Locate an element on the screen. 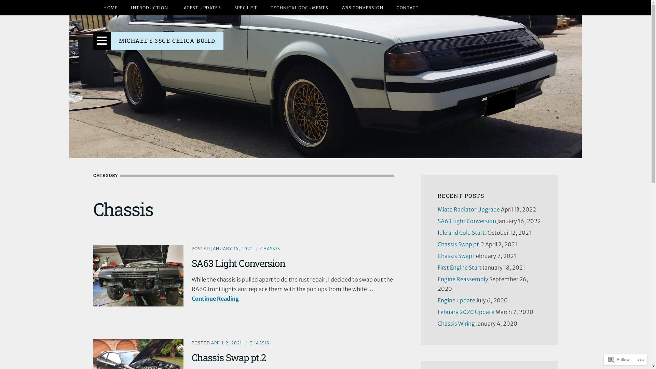 The height and width of the screenshot is (369, 656). 'Follow' is located at coordinates (619, 359).